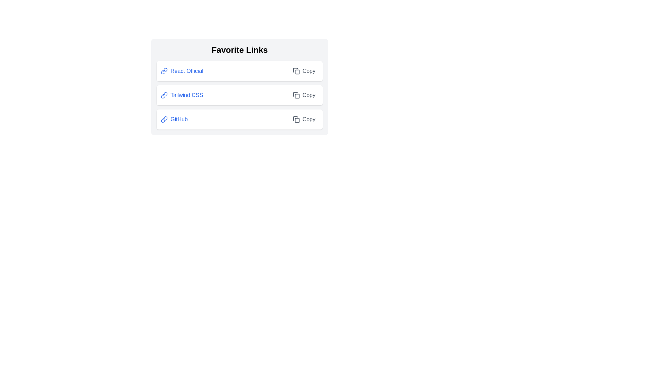  Describe the element at coordinates (308, 119) in the screenshot. I see `the 'Copy' text label located to the right of the SVG icon within the 'Copy' button in the row associated with 'GitHub'` at that location.